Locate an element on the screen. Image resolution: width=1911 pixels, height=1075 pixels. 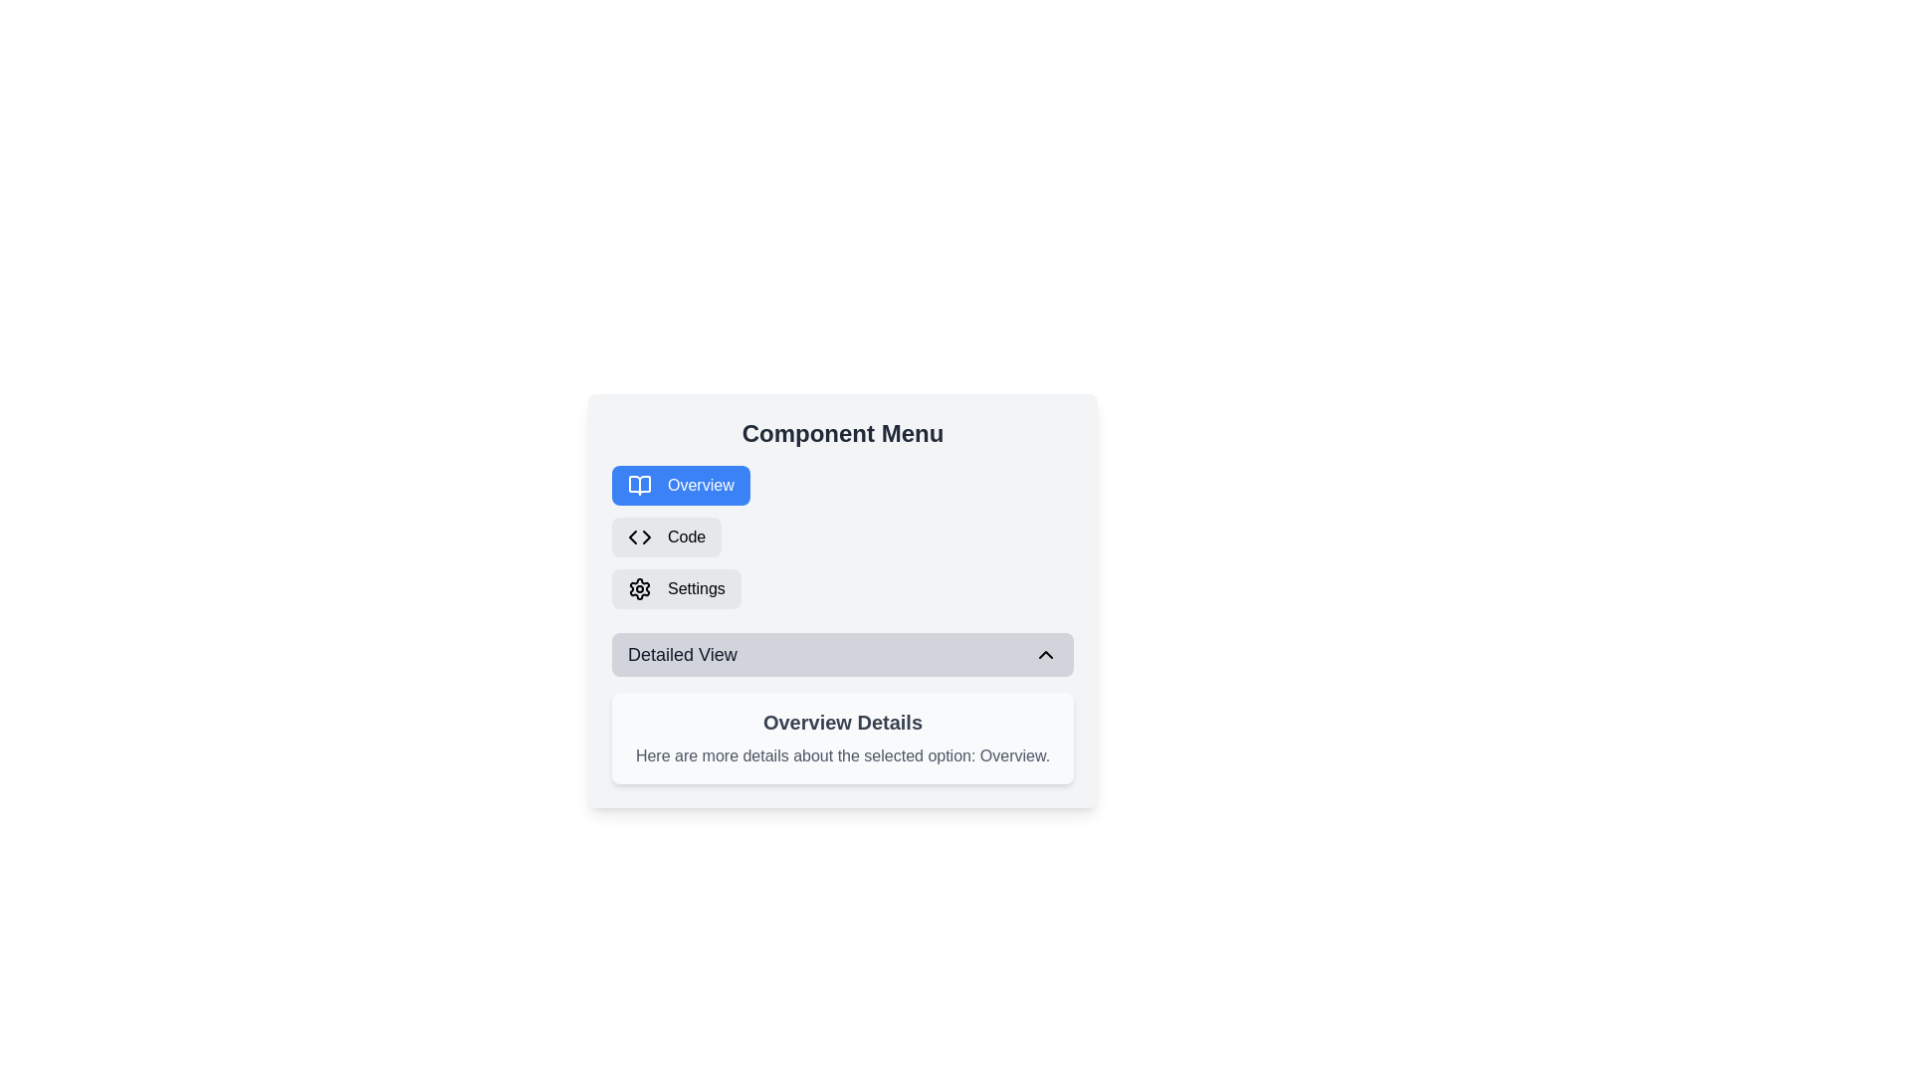
the 'Settings' text label is located at coordinates (696, 587).